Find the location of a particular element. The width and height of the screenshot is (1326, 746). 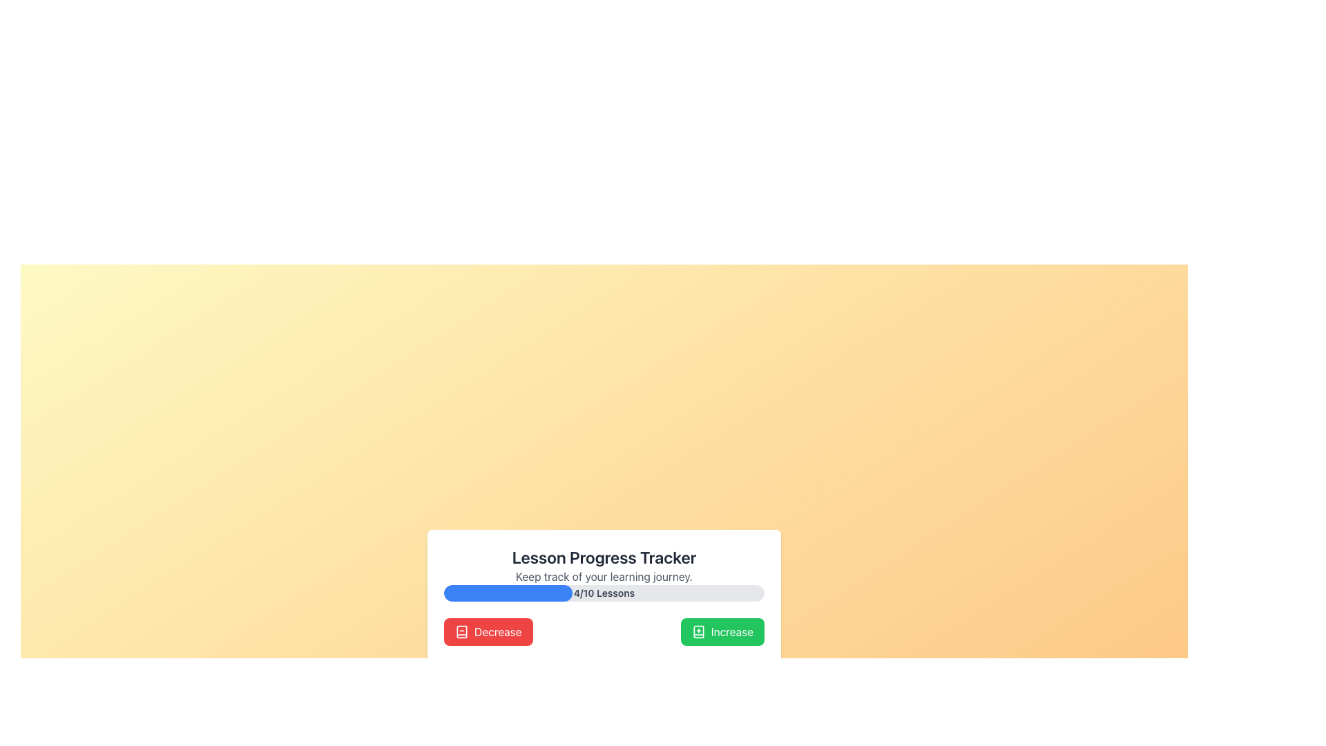

the static text label that provides context for the 'Lesson Progress Tracker', located directly below the title and centered horizontally in the white card interface is located at coordinates (604, 576).